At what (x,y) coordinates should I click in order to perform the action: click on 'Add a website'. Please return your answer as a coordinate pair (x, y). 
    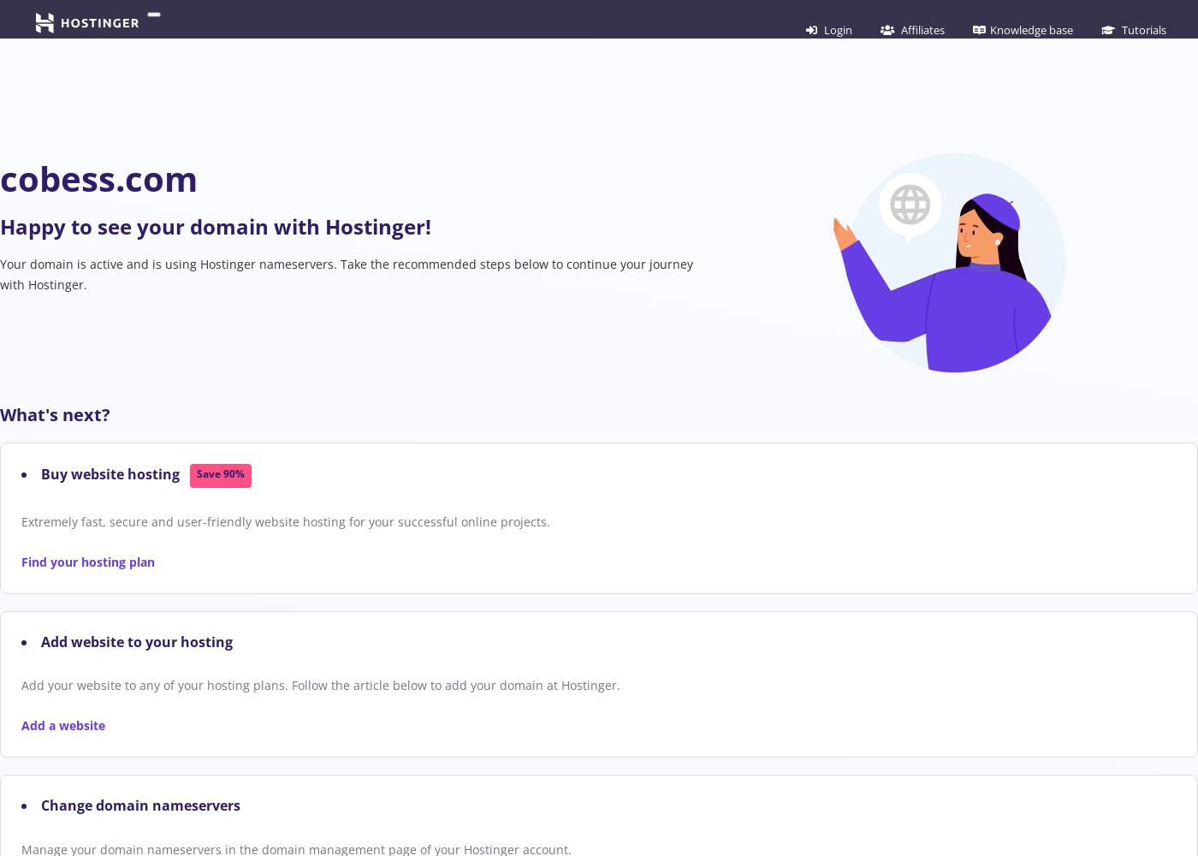
    Looking at the image, I should click on (63, 724).